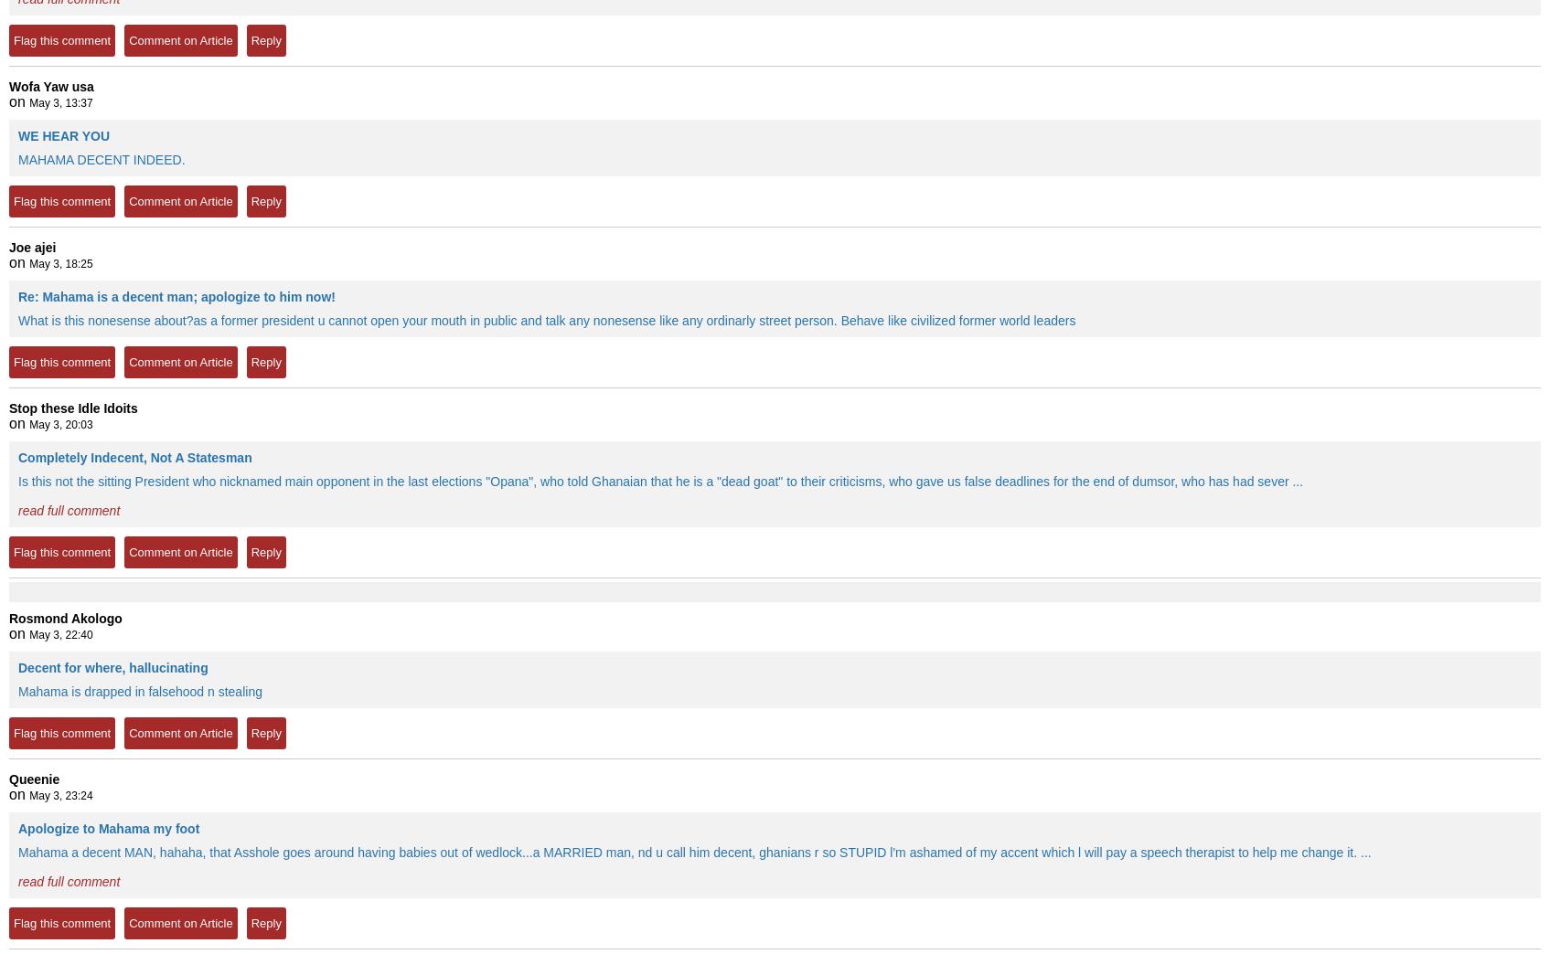  What do you see at coordinates (59, 633) in the screenshot?
I see `'May  3, 22:40'` at bounding box center [59, 633].